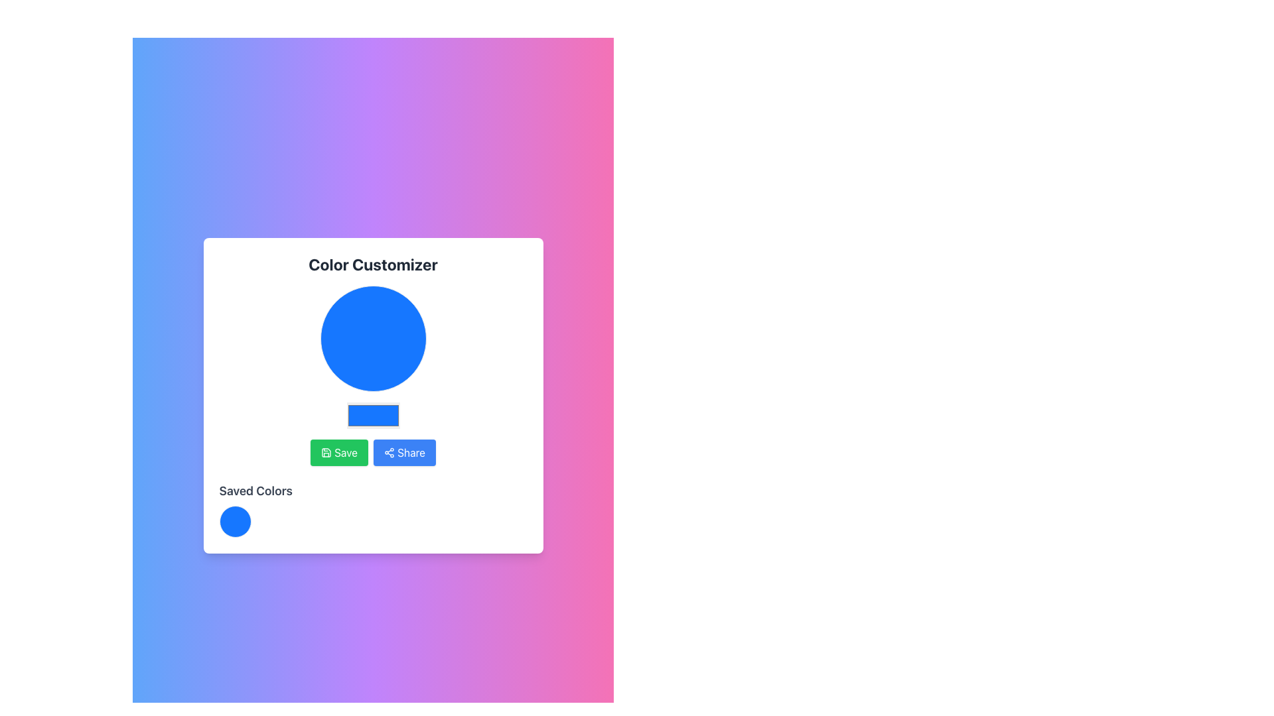 This screenshot has height=716, width=1274. What do you see at coordinates (388, 451) in the screenshot?
I see `the share icon located within the blue 'Share' button, which is to the right of the 'Save' button` at bounding box center [388, 451].